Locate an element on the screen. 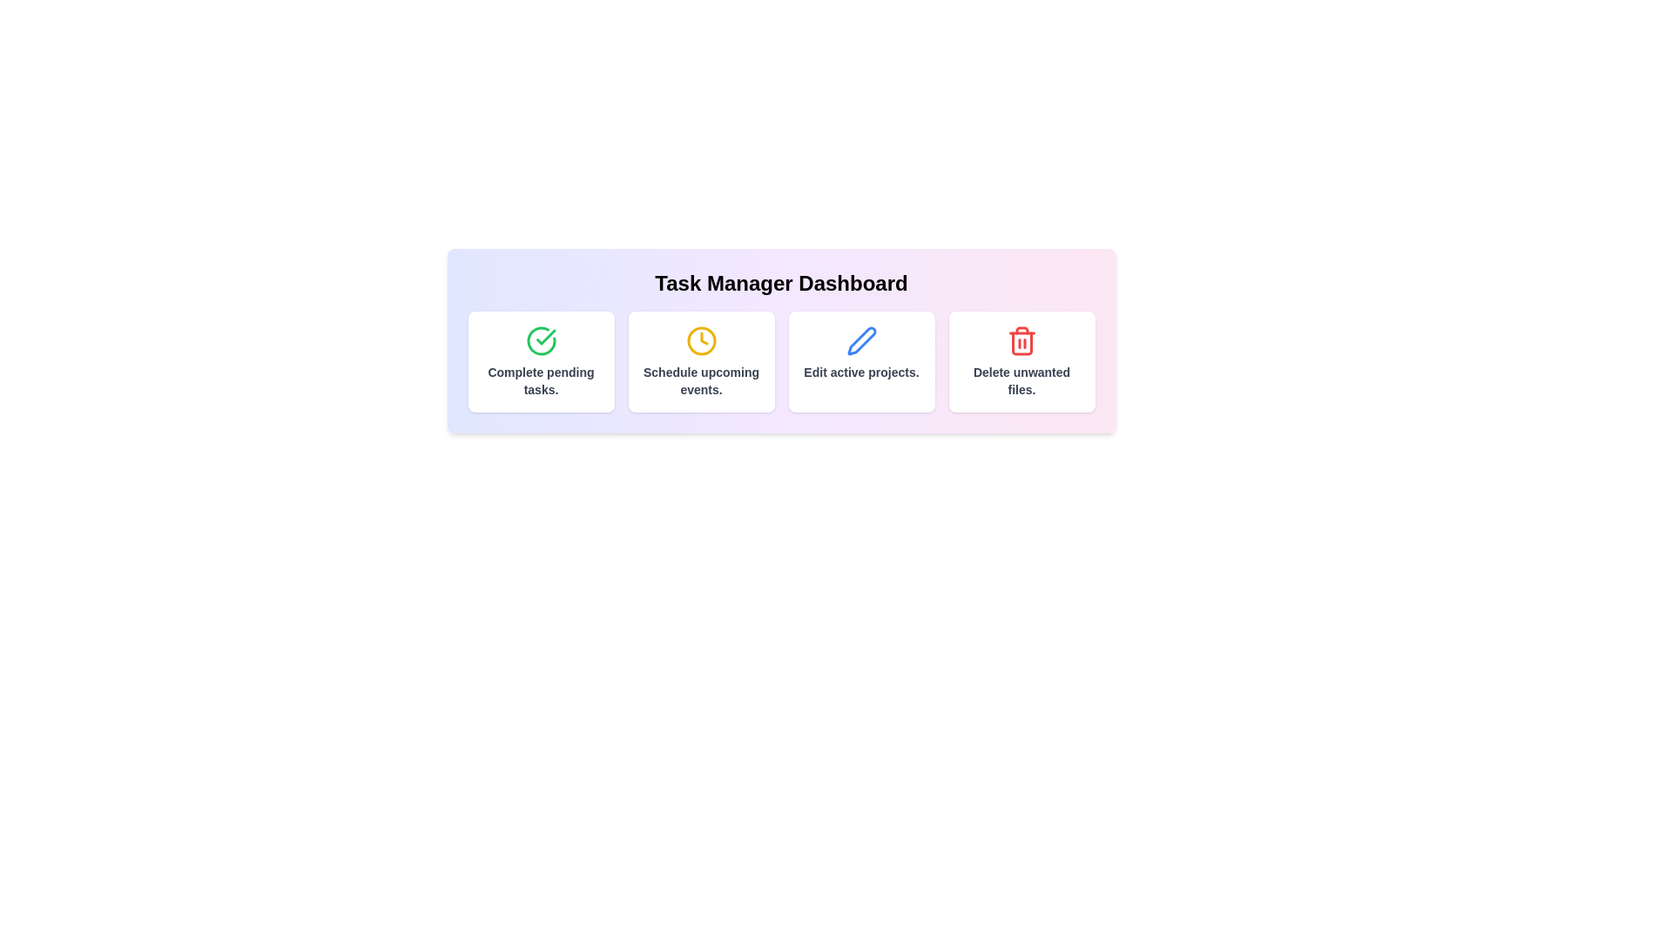 The image size is (1672, 940). the text label located at the bottom of the third card, which describes the action for editing active projects, positioned directly below the pen icon is located at coordinates (861, 372).